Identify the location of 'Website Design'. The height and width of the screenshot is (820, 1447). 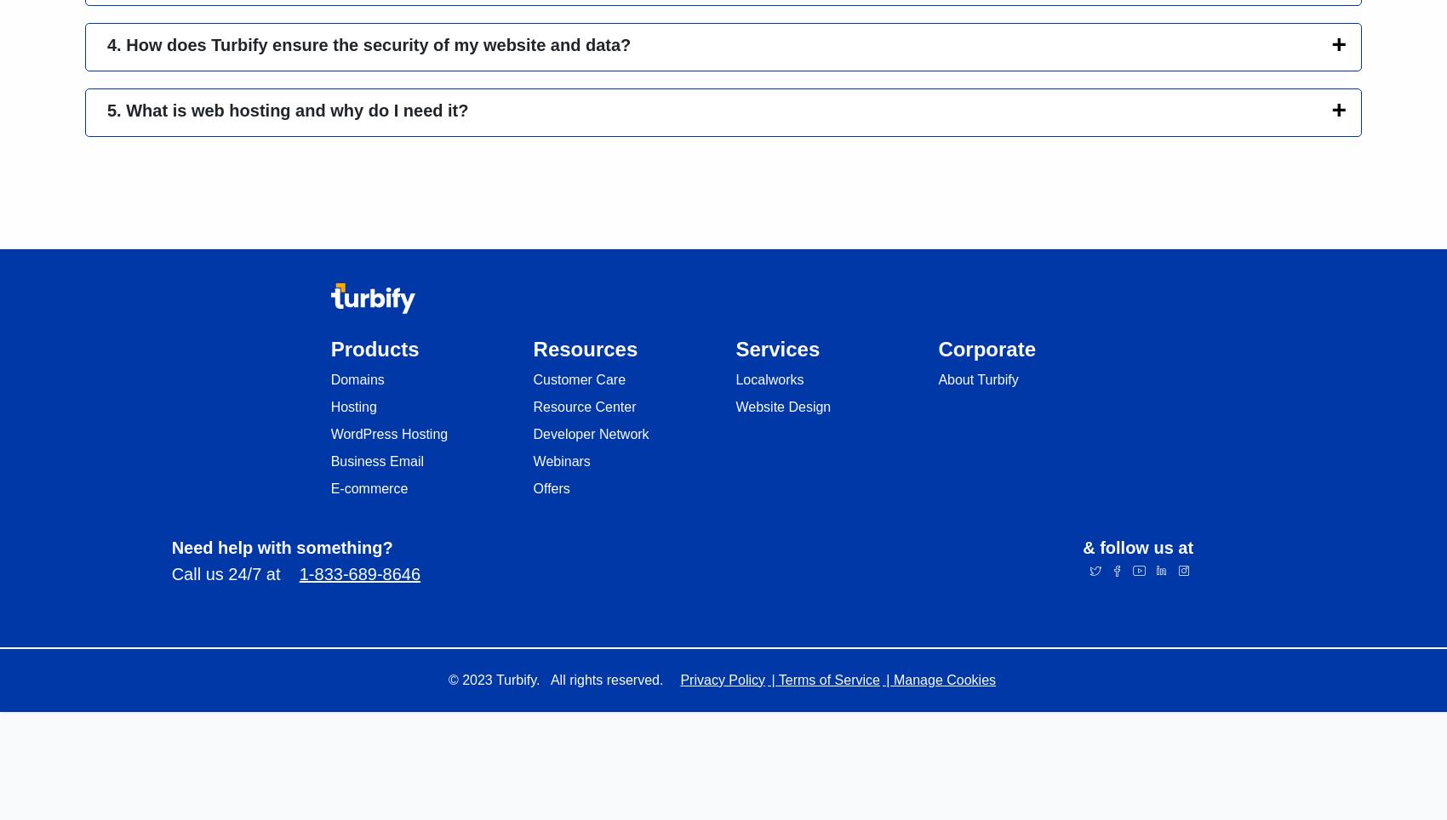
(783, 406).